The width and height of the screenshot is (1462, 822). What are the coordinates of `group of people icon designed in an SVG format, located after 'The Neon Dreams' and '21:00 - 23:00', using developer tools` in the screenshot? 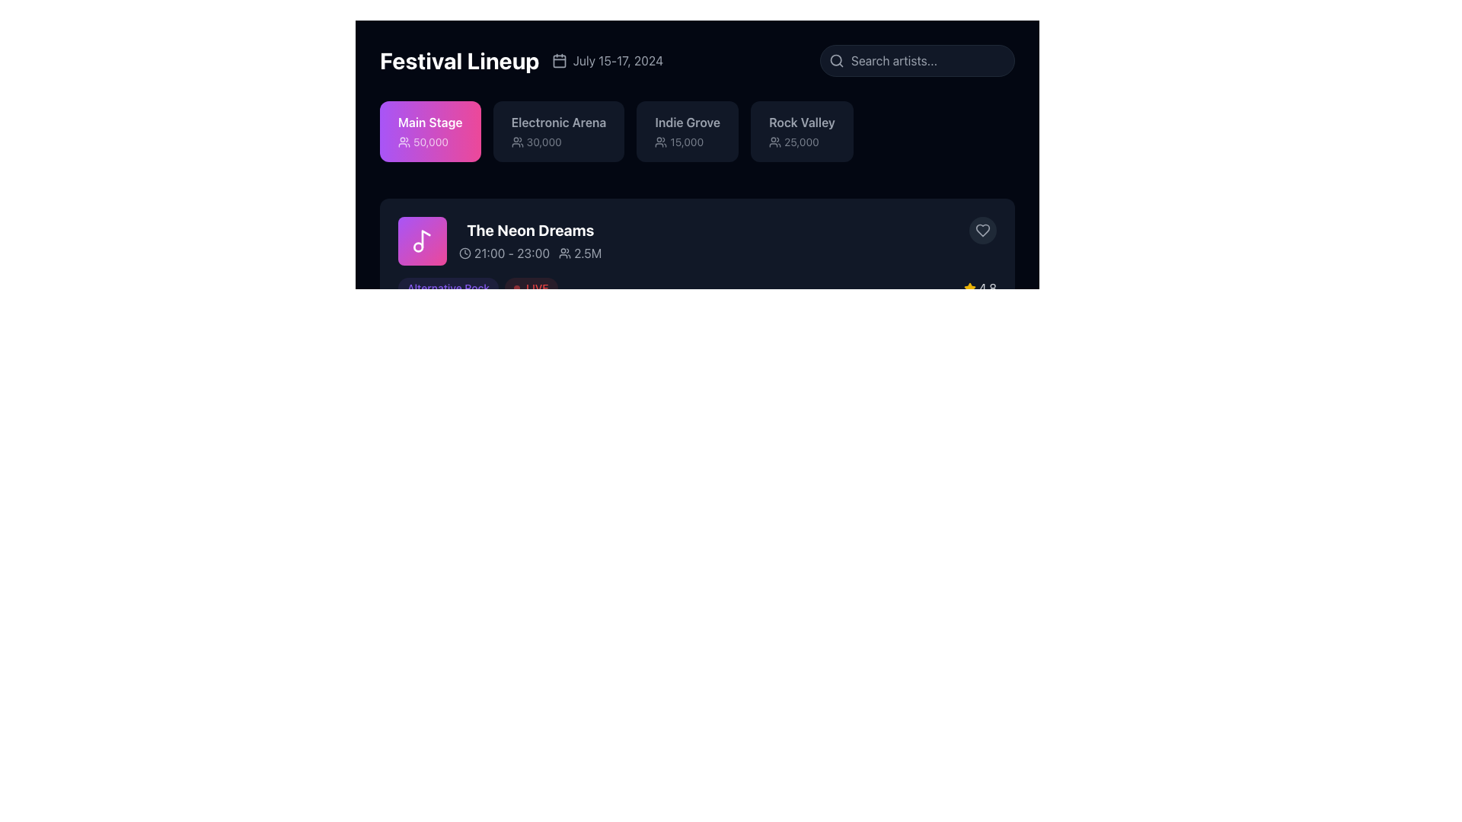 It's located at (564, 252).